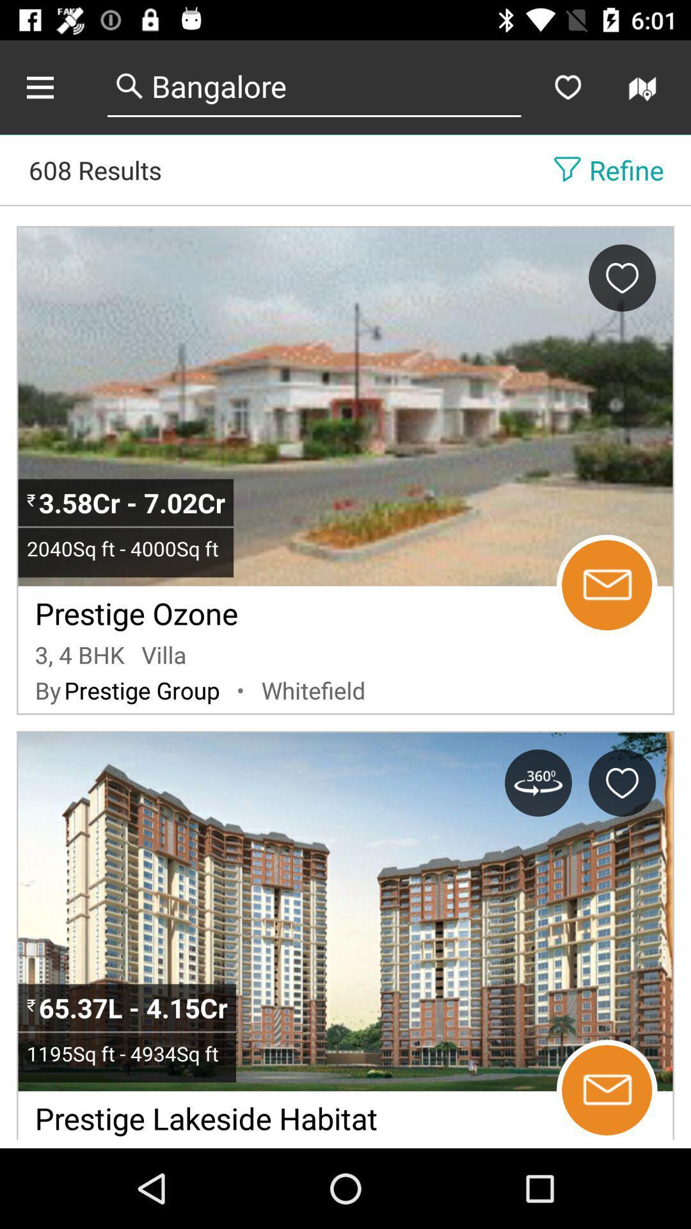  I want to click on mail, so click(606, 1089).